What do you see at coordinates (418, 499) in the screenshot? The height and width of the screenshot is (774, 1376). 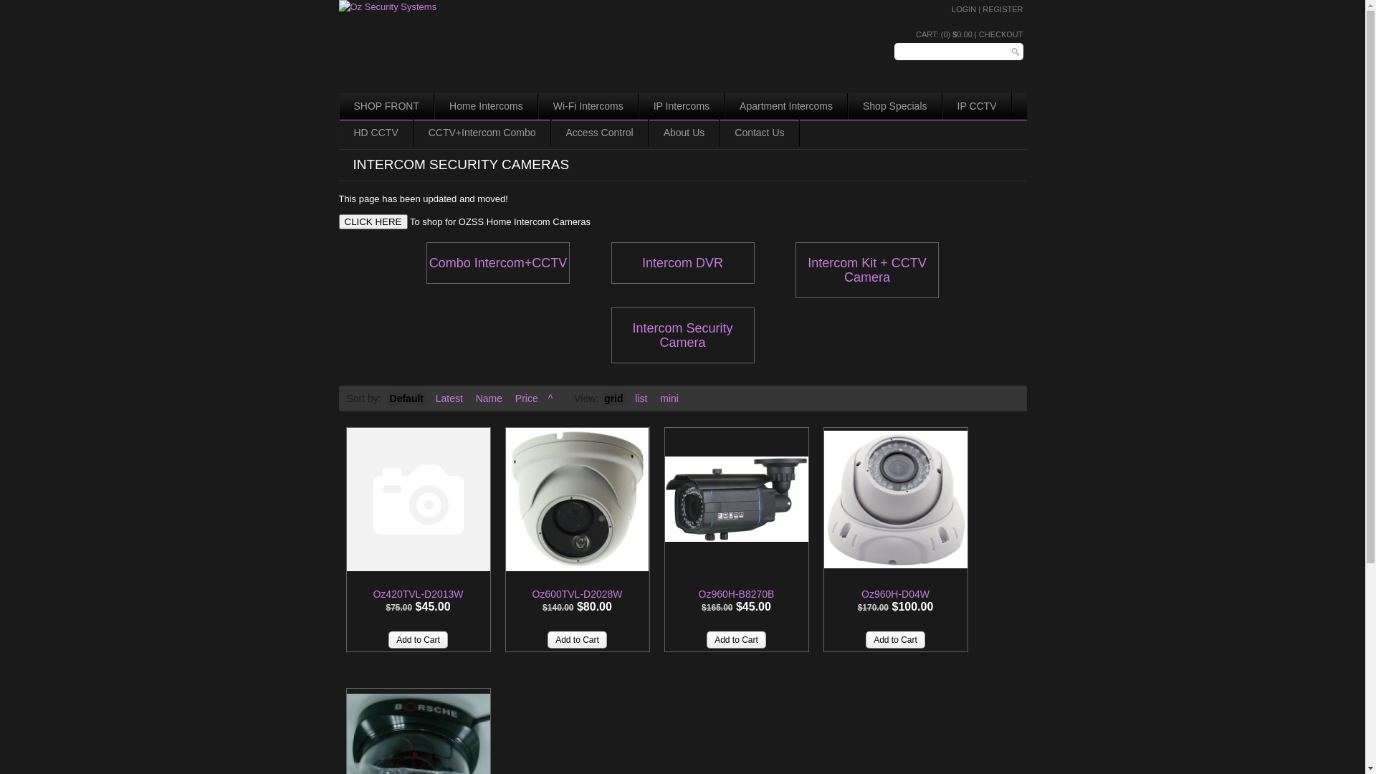 I see `'Oz420TVL-D2013W'` at bounding box center [418, 499].